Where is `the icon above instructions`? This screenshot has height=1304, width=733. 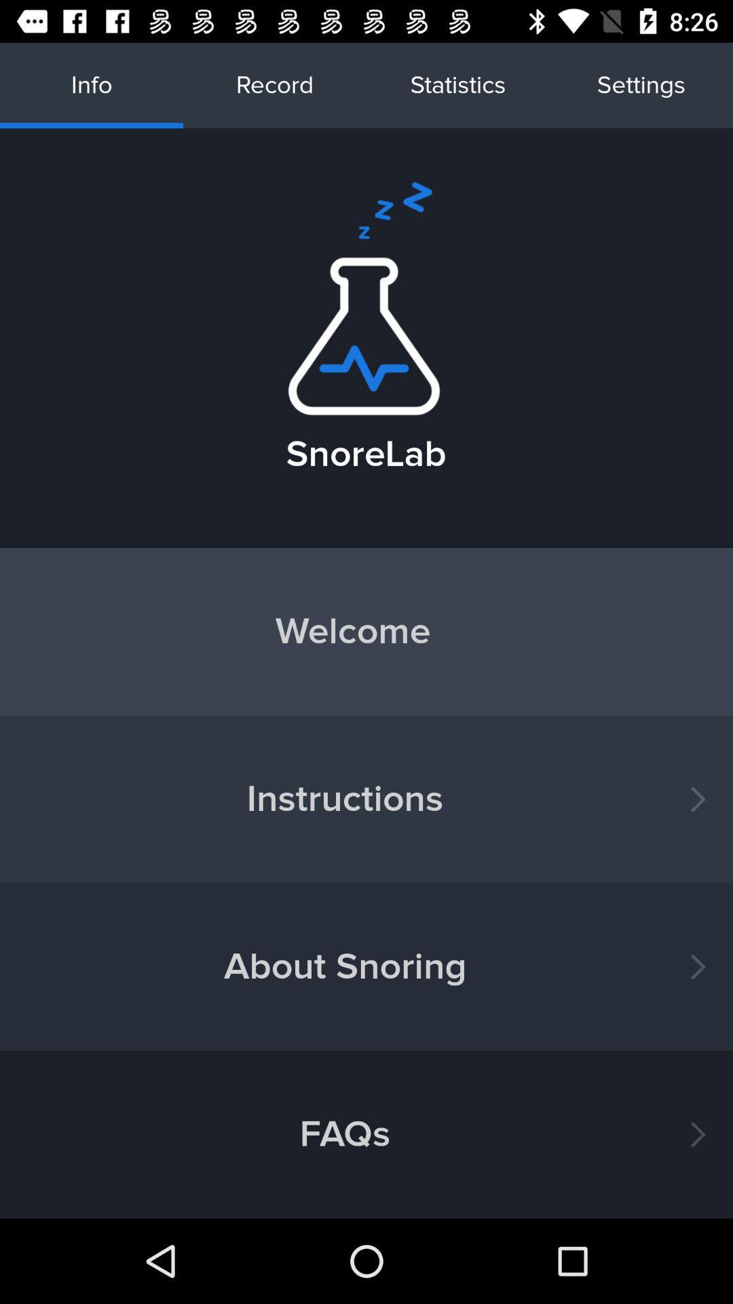
the icon above instructions is located at coordinates (366, 631).